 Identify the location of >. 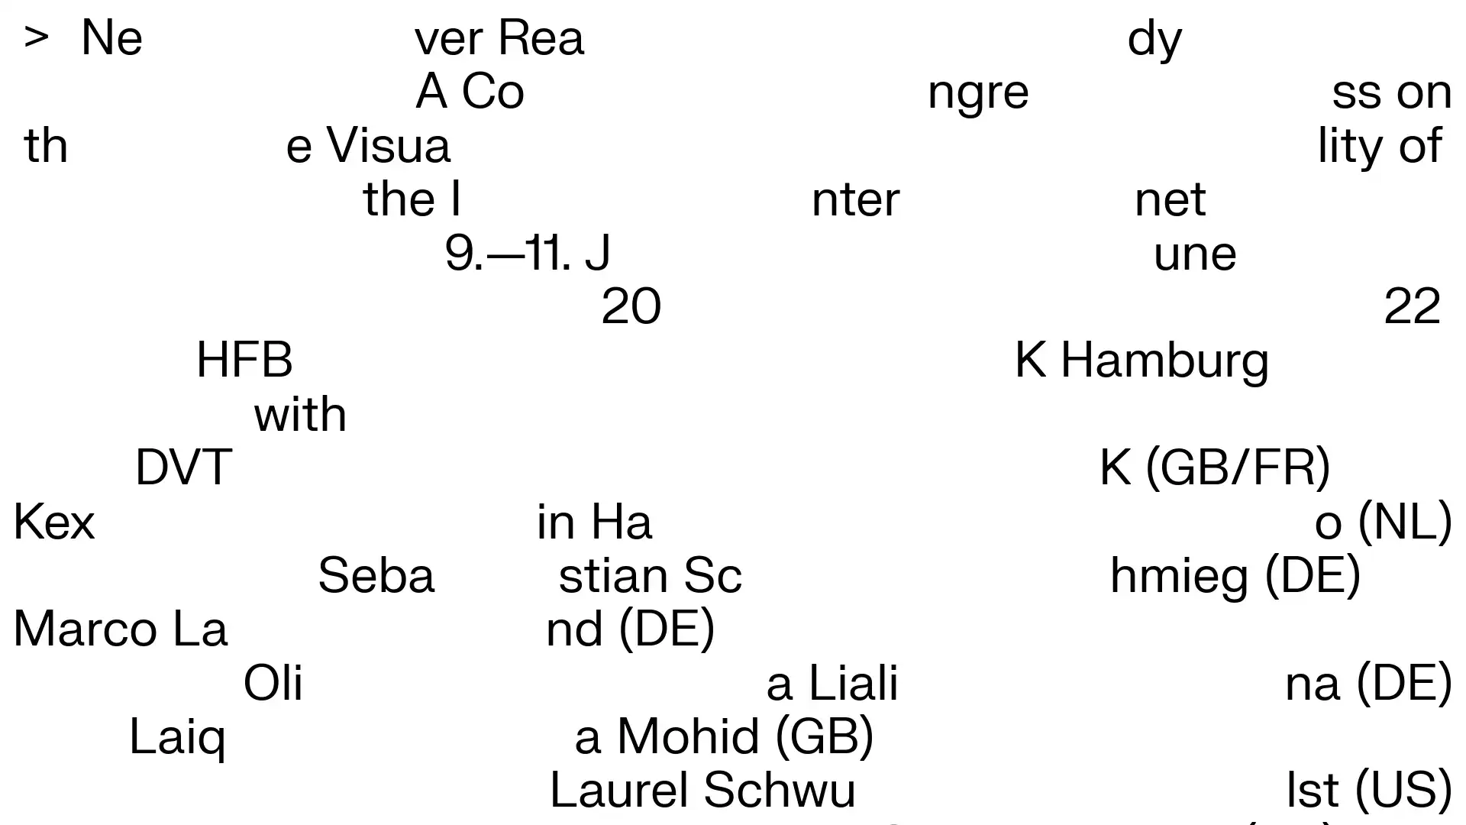
(37, 35).